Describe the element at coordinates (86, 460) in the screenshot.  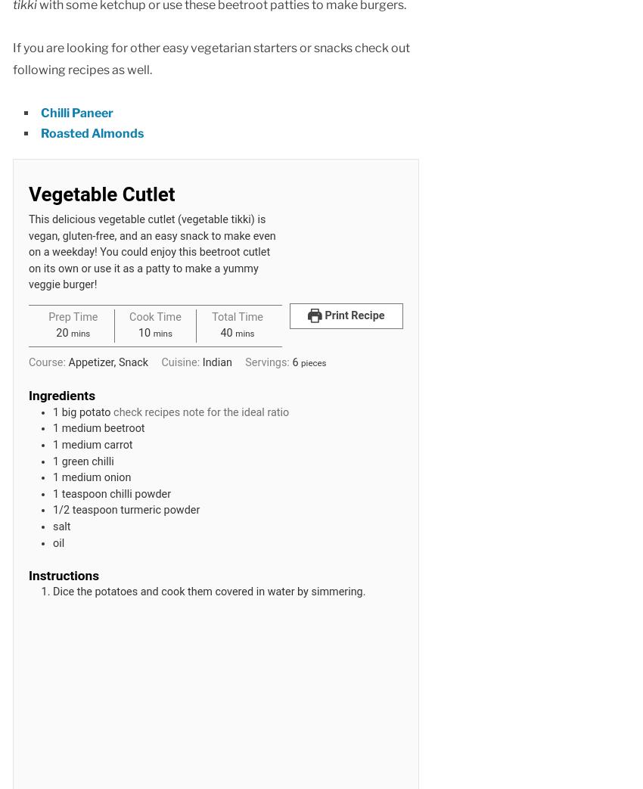
I see `'green chilli'` at that location.